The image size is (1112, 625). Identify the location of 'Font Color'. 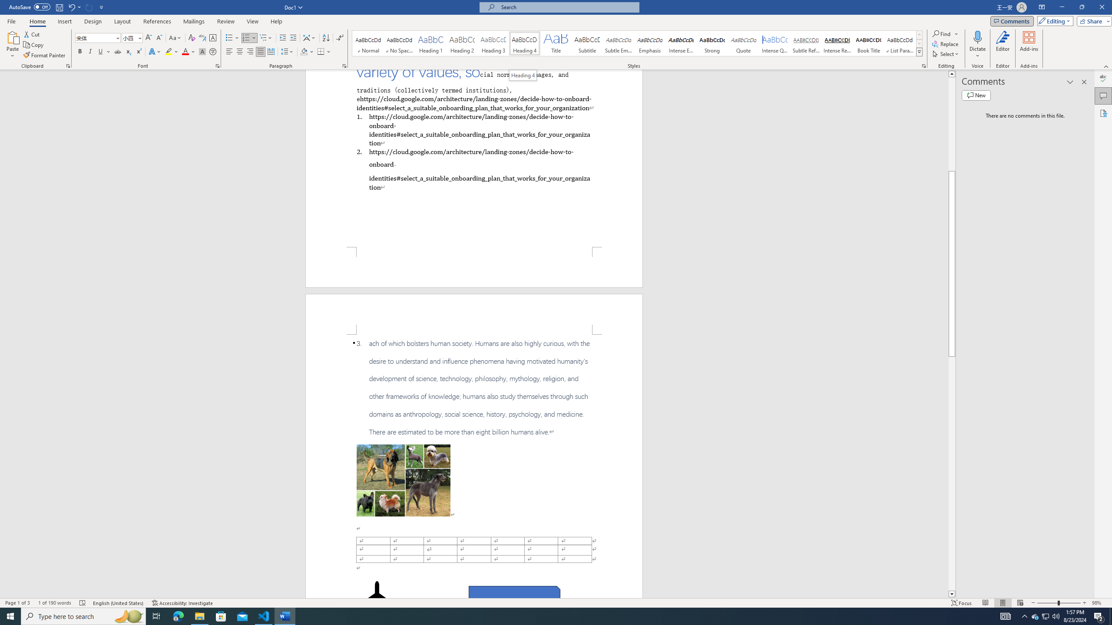
(188, 51).